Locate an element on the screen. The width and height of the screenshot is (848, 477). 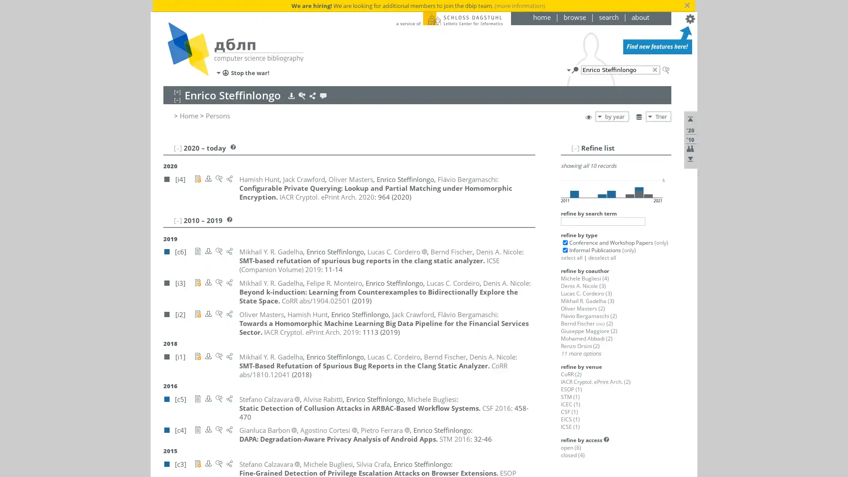
ESOP (1) is located at coordinates (572, 389).